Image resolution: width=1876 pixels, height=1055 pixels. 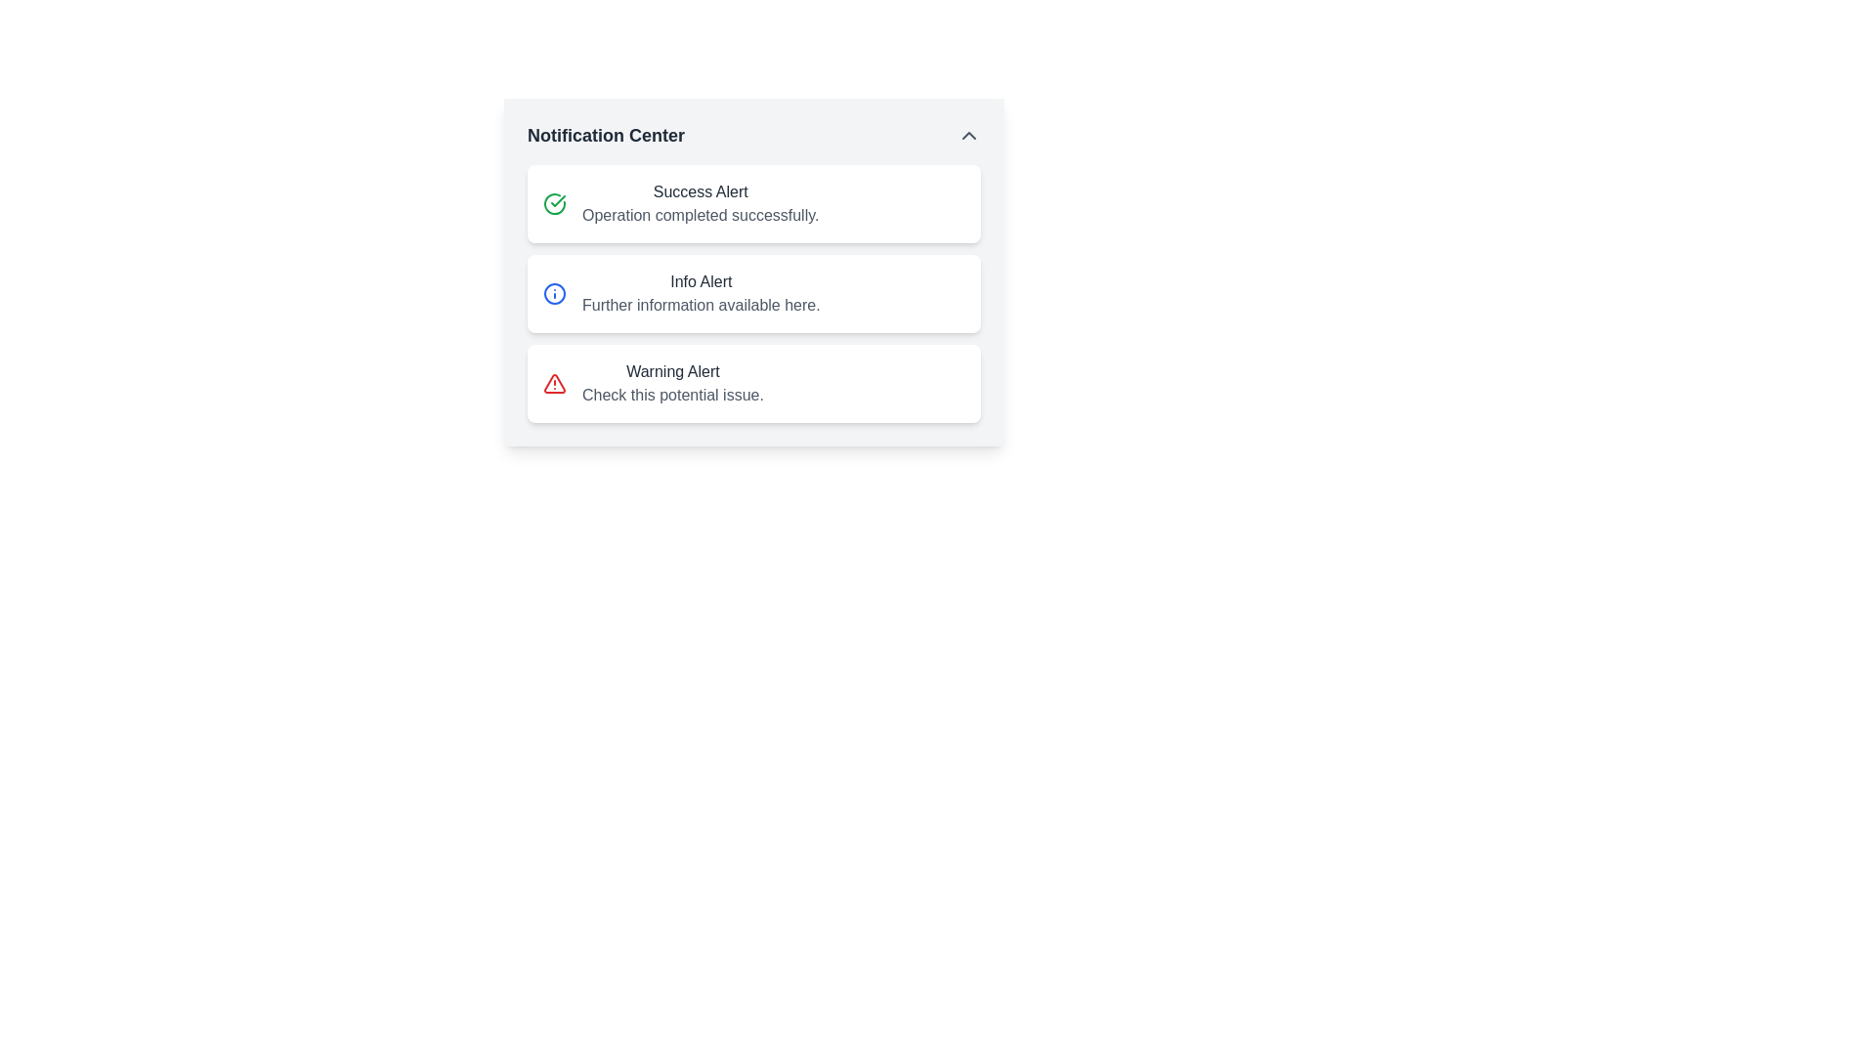 What do you see at coordinates (553, 203) in the screenshot?
I see `the green circular success icon with a check mark located in the upper-left portion of the 'Success Alert' box by moving the mouse cursor to it` at bounding box center [553, 203].